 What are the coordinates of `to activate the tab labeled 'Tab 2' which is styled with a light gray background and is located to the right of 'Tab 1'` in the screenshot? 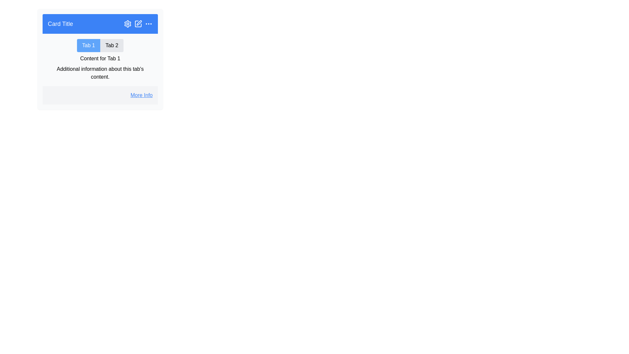 It's located at (112, 45).